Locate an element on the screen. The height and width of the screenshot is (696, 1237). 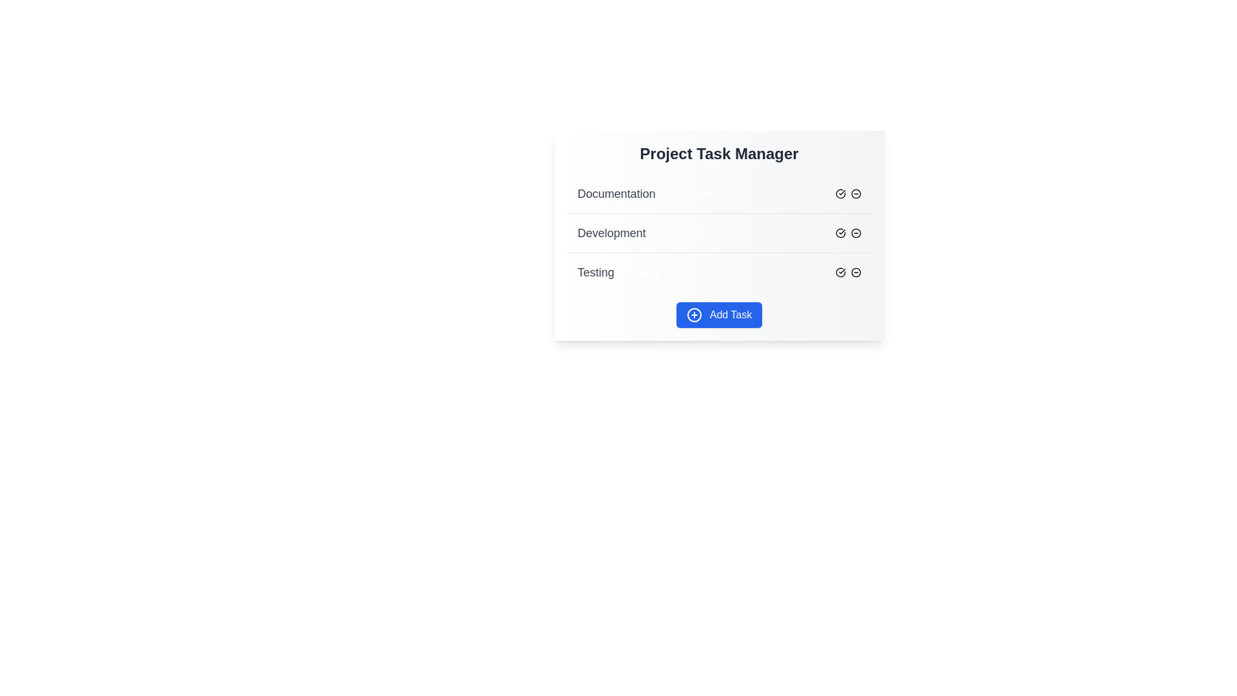
the text label 'Development' which is part of the 'Development In Progress' row in the task management section is located at coordinates (611, 233).